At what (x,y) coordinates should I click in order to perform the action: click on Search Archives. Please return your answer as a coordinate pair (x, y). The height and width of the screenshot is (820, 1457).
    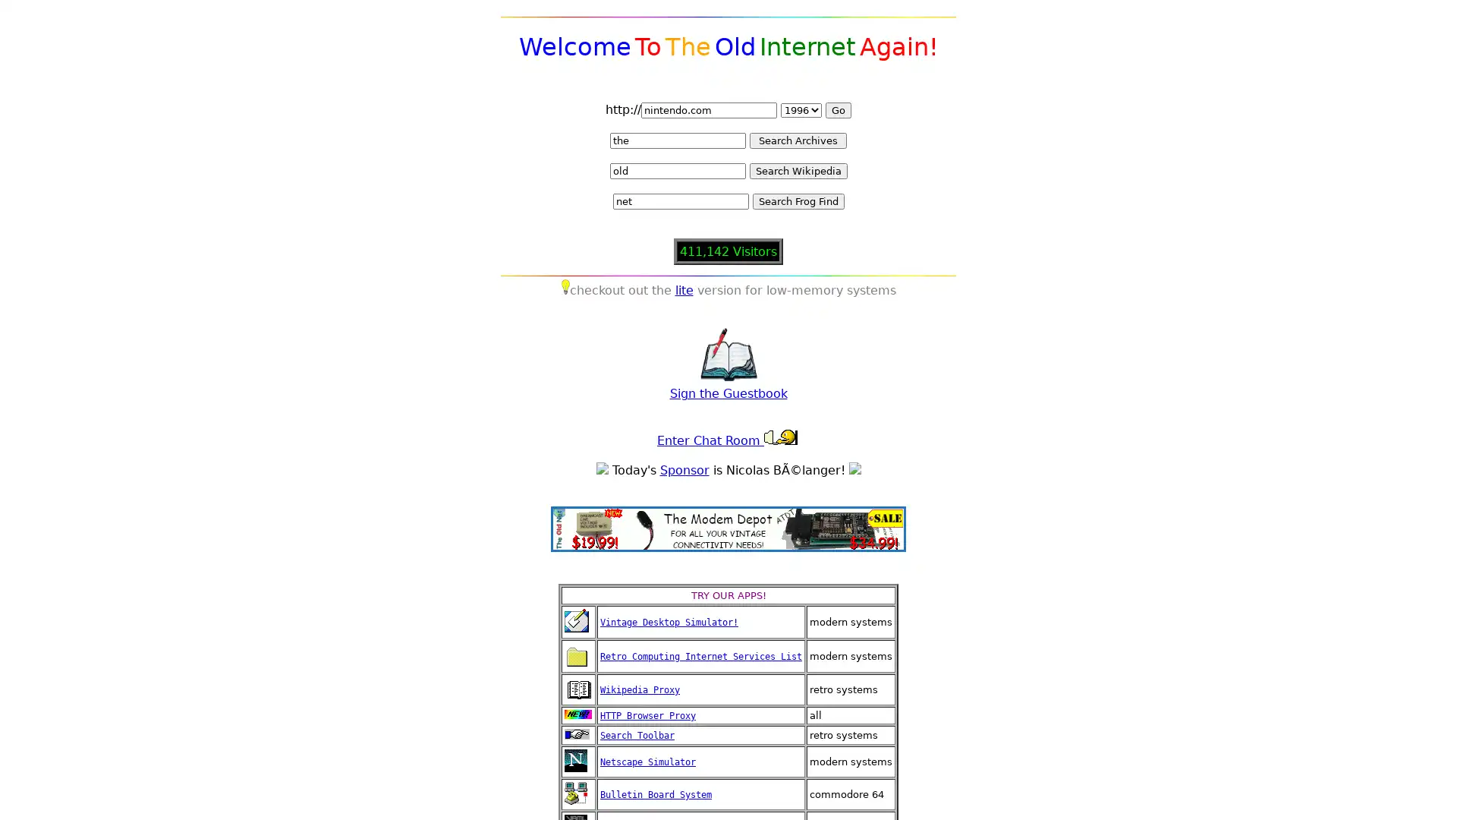
    Looking at the image, I should click on (797, 140).